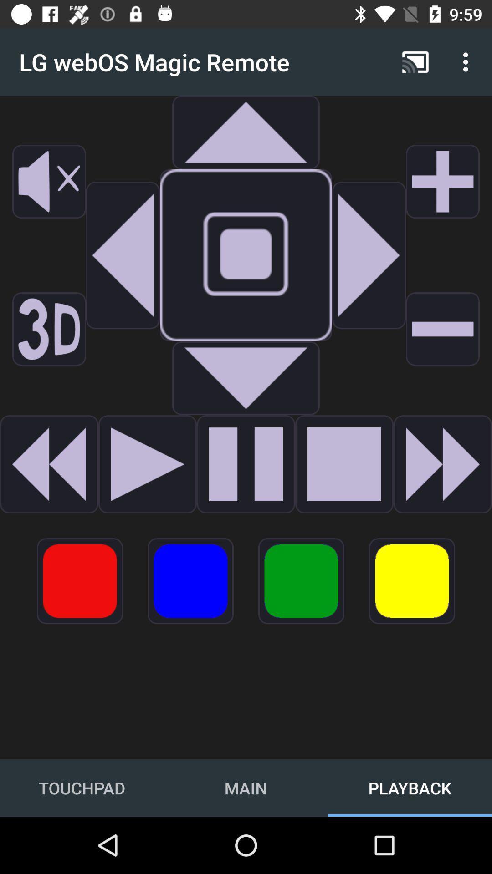  Describe the element at coordinates (246, 378) in the screenshot. I see `audo` at that location.